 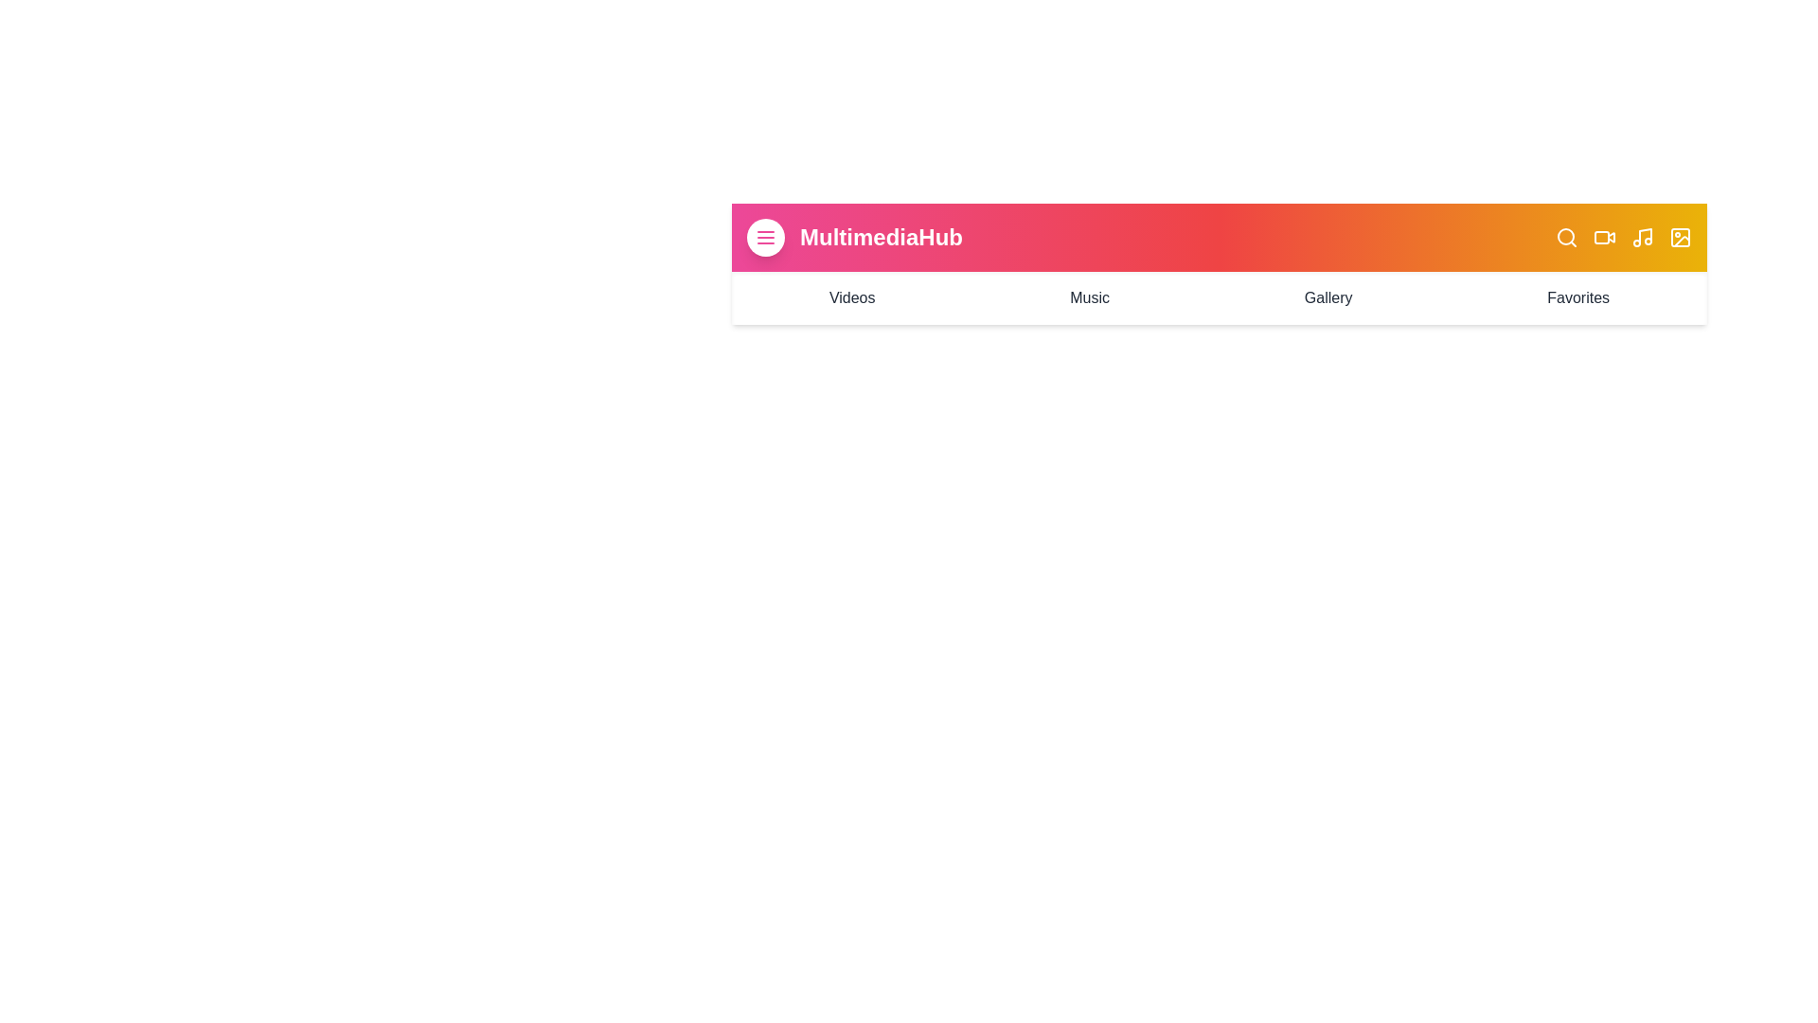 What do you see at coordinates (766, 236) in the screenshot?
I see `the menu icon to toggle the navigation menu` at bounding box center [766, 236].